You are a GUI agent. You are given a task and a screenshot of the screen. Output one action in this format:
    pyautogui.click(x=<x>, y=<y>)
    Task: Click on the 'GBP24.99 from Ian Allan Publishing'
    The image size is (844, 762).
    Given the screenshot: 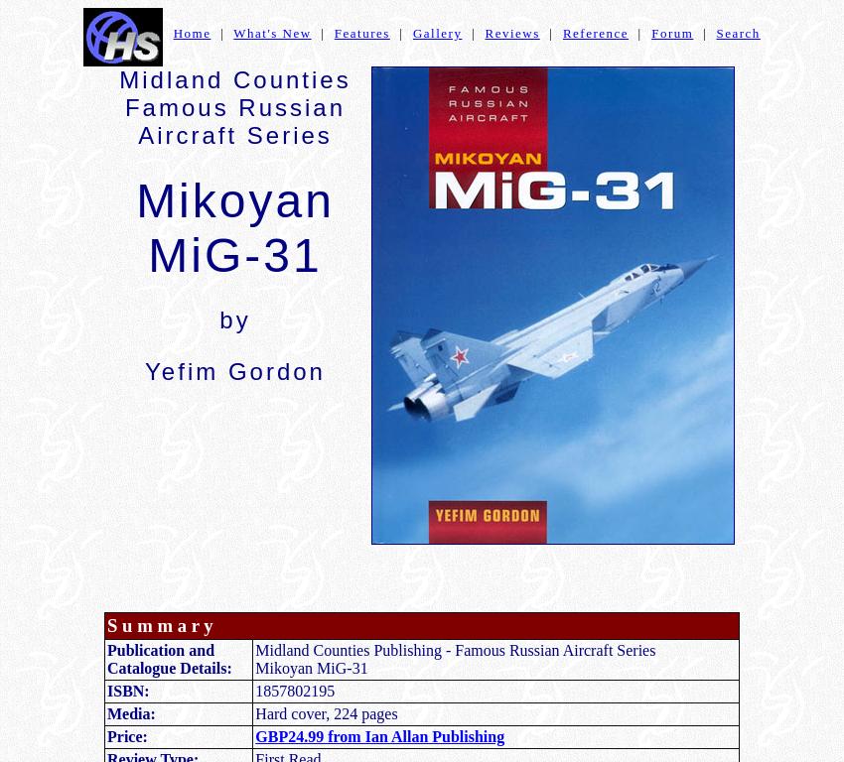 What is the action you would take?
    pyautogui.click(x=378, y=736)
    